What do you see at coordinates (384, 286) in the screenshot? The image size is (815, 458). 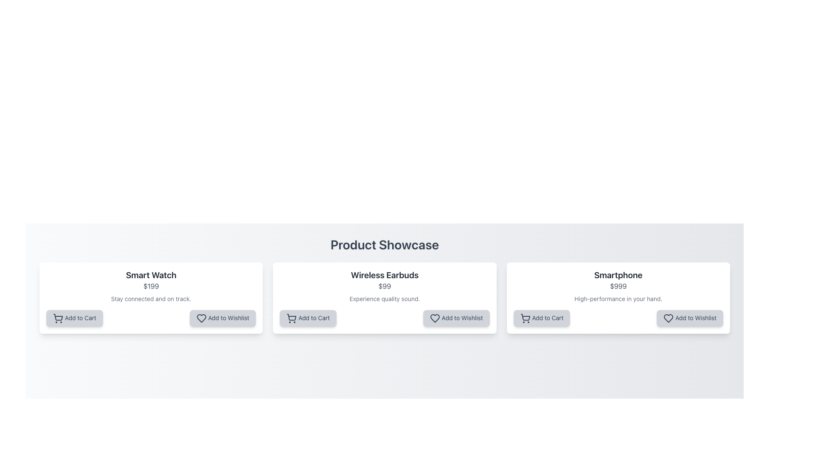 I see `the price display text for the product 'Wireless Earbuds', which is located below the title and above the product description in the central card of the product showcase layout` at bounding box center [384, 286].